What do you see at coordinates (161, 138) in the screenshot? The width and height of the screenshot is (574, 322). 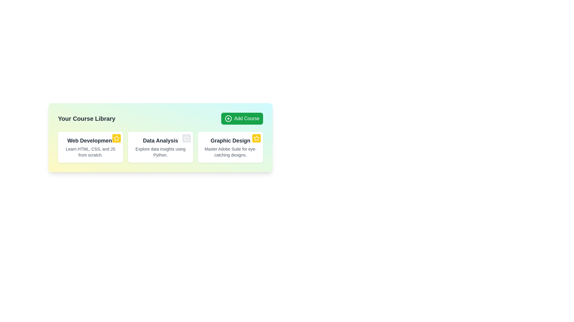 I see `the 'Data Analysis' informational card in the 'Your Course Library' section` at bounding box center [161, 138].